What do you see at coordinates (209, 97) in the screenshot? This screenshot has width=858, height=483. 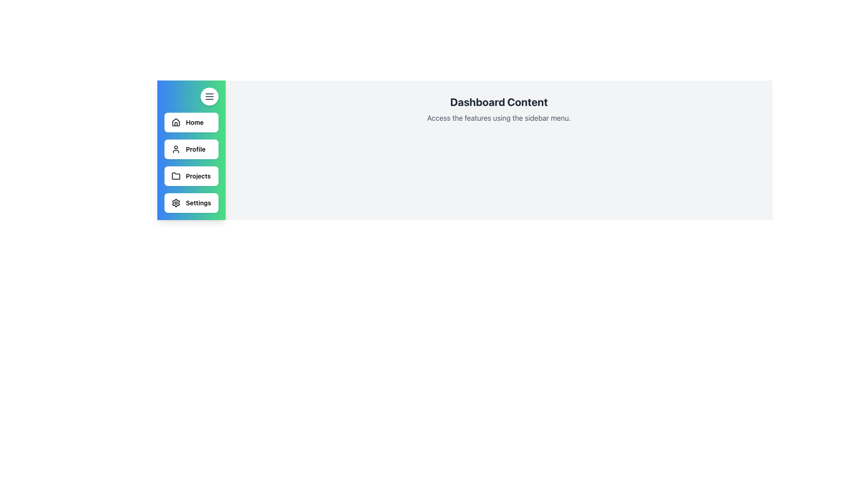 I see `the circular button with a white background and gray text located at the top-right corner of the sidebar panel` at bounding box center [209, 97].